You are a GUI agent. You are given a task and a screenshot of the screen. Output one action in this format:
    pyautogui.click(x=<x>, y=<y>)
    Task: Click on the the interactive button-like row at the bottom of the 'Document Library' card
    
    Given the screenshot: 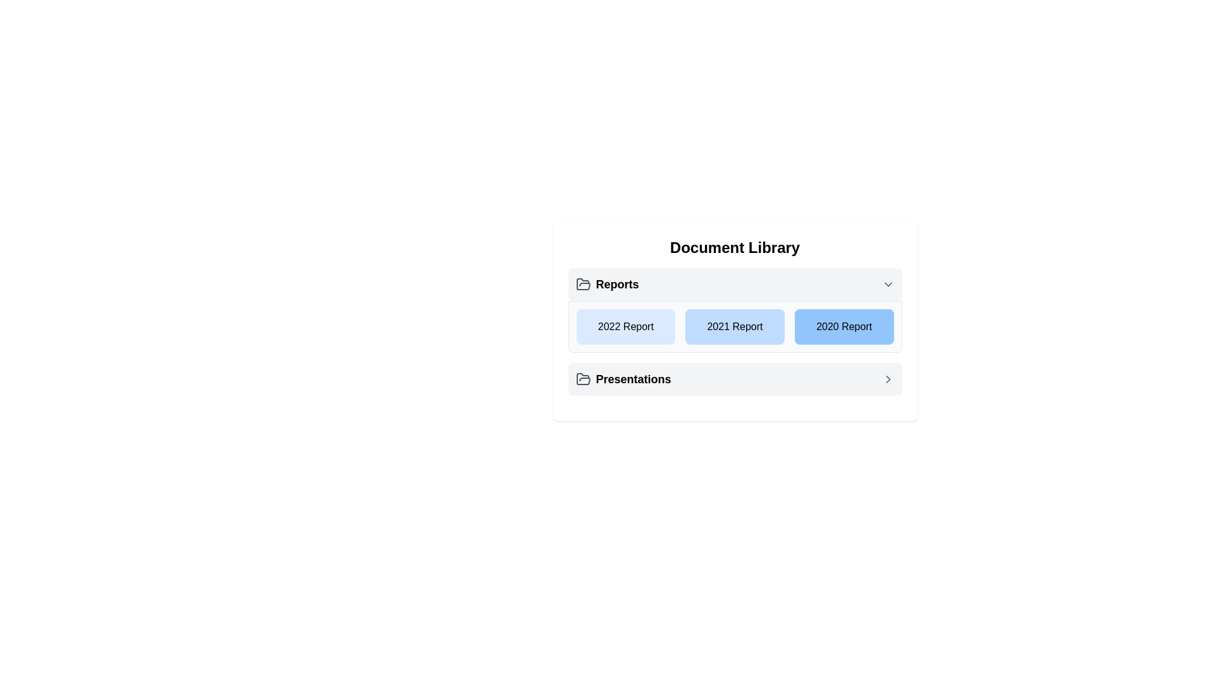 What is the action you would take?
    pyautogui.click(x=735, y=379)
    